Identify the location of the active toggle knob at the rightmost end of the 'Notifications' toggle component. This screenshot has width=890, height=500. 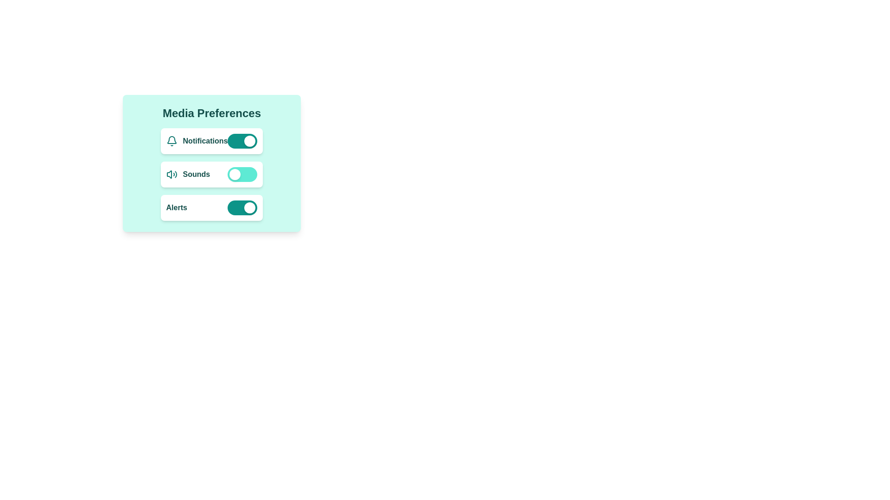
(250, 141).